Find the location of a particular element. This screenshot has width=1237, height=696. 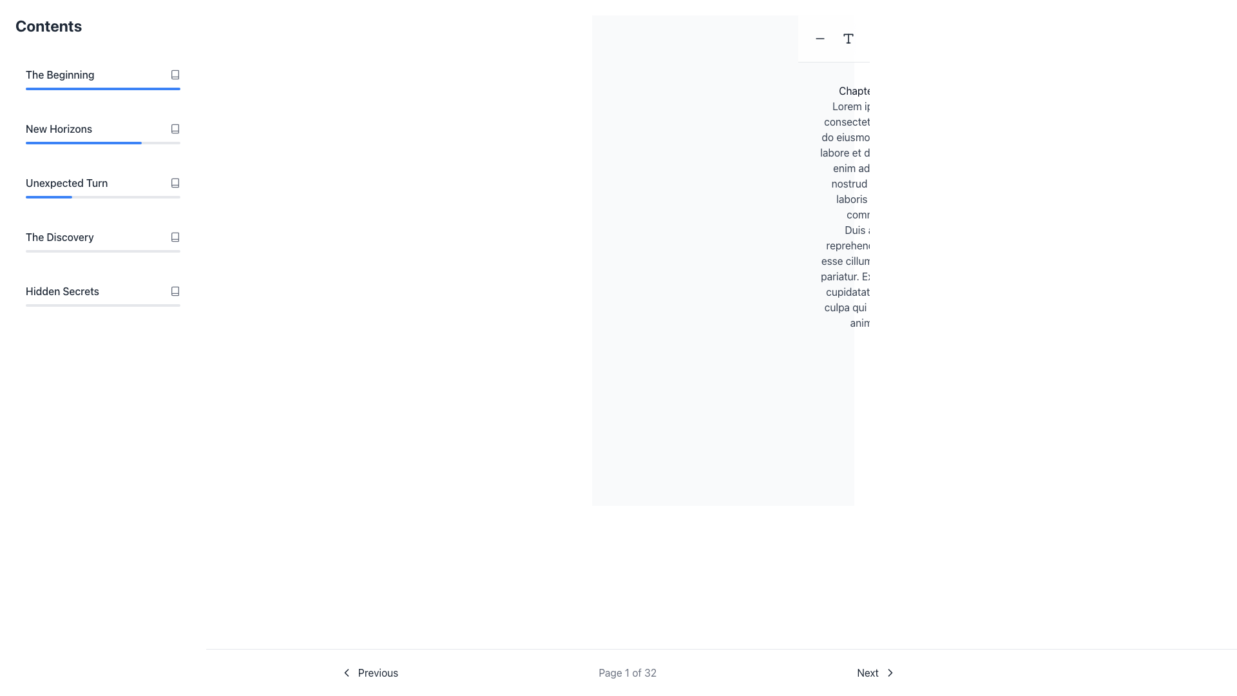

text label positioned in the left sidebar, located below 'The Beginning' and above 'Unexpected Turn' is located at coordinates (58, 129).